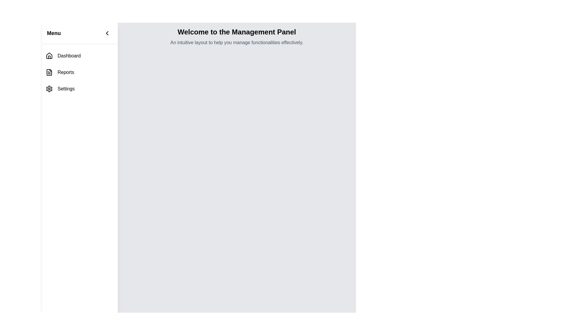  Describe the element at coordinates (49, 72) in the screenshot. I see `the small square icon resembling a file or document with textual lines inside, located to the left of the text 'Reports' in the second item of the vertical navigation menu` at that location.